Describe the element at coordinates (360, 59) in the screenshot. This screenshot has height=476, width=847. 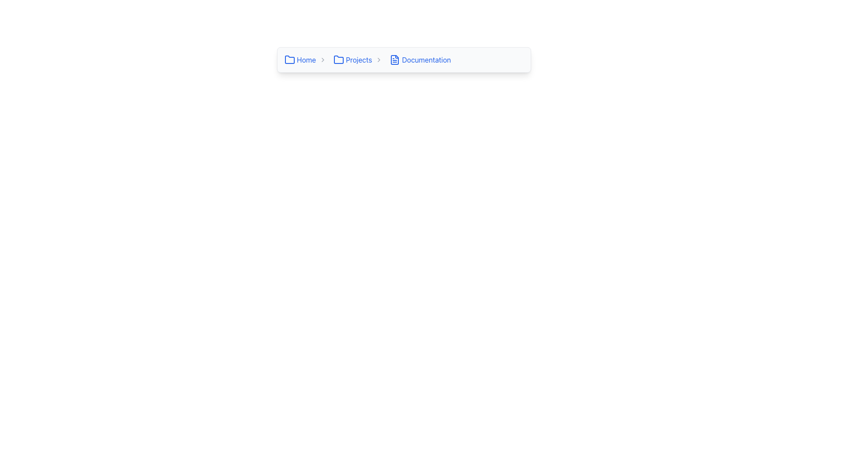
I see `the 'Projects' breadcrumb link, which is the second clickable item in the breadcrumb navigation bar, styled in blue with a folder icon on the left and an arrow on the right` at that location.